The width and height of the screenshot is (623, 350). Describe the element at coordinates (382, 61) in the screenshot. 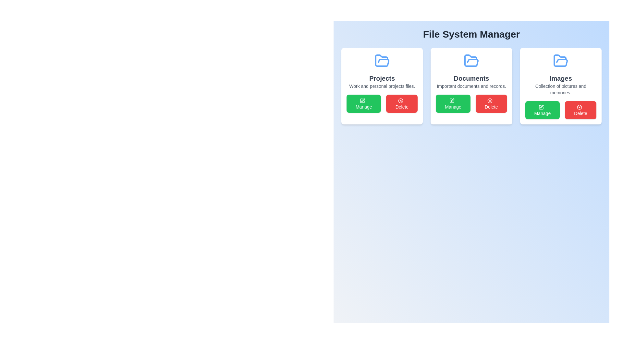

I see `the blue open folder icon located at the top center of the first card labeled 'Projects' in the 'File System Manager' section` at that location.